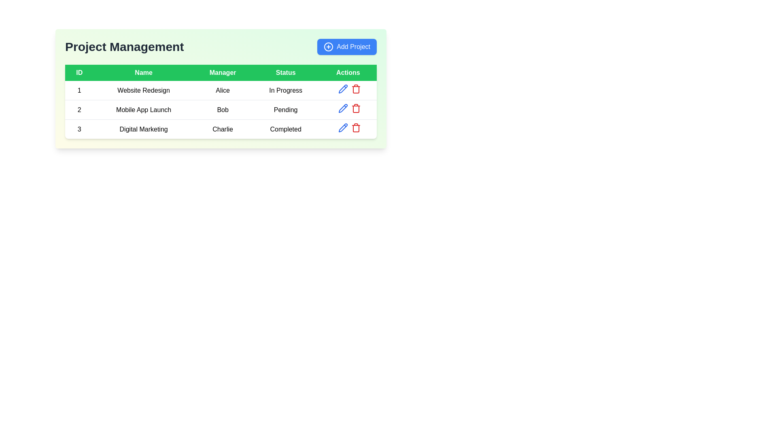  What do you see at coordinates (343, 108) in the screenshot?
I see `the Icon button located in the second row of the 'Actions' column` at bounding box center [343, 108].